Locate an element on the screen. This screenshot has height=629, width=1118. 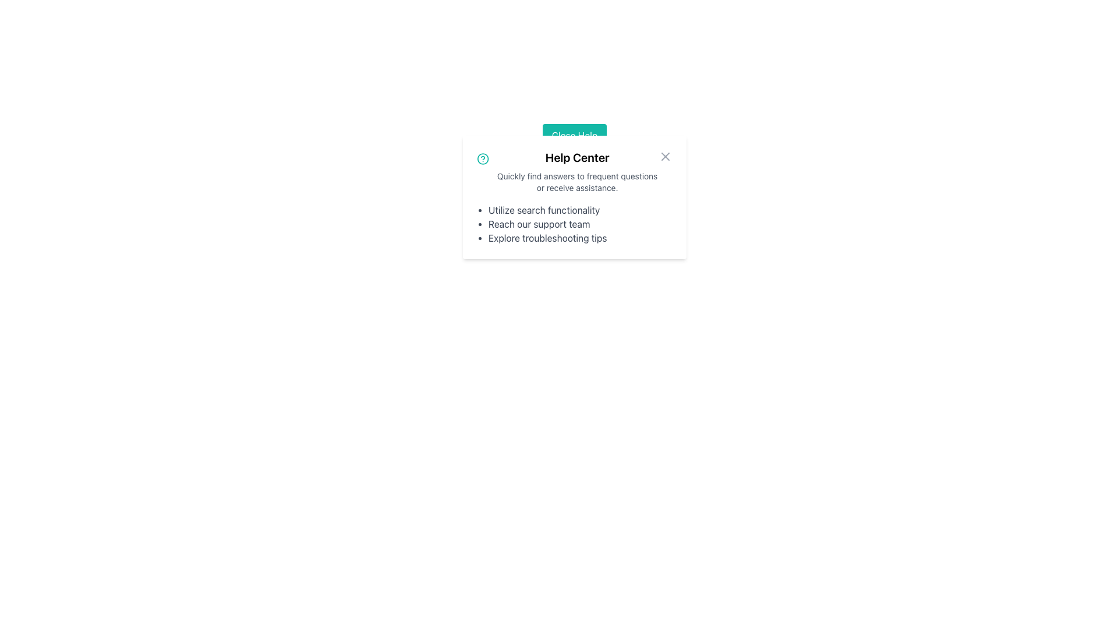
the static text display providing information to connect with the support team, located below the 'Help Center' heading is located at coordinates (581, 224).